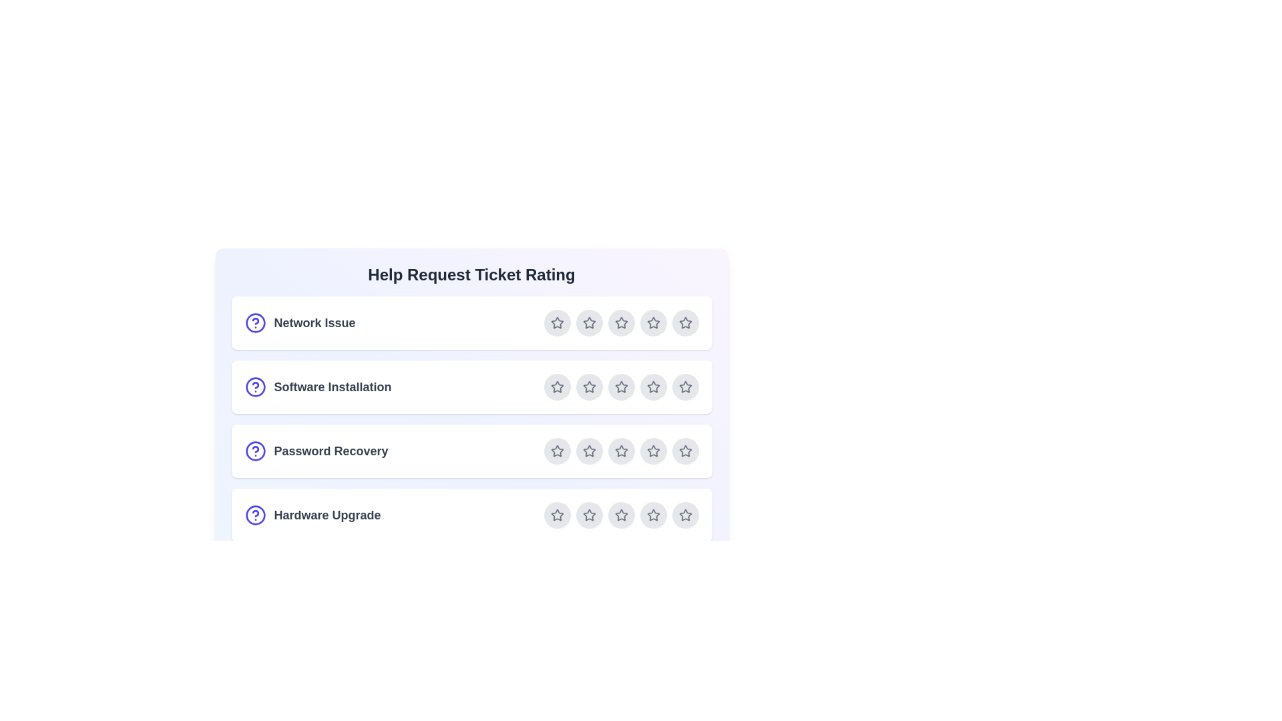 The width and height of the screenshot is (1282, 721). What do you see at coordinates (620, 514) in the screenshot?
I see `the star corresponding to 3 for the ticket Hardware Upgrade` at bounding box center [620, 514].